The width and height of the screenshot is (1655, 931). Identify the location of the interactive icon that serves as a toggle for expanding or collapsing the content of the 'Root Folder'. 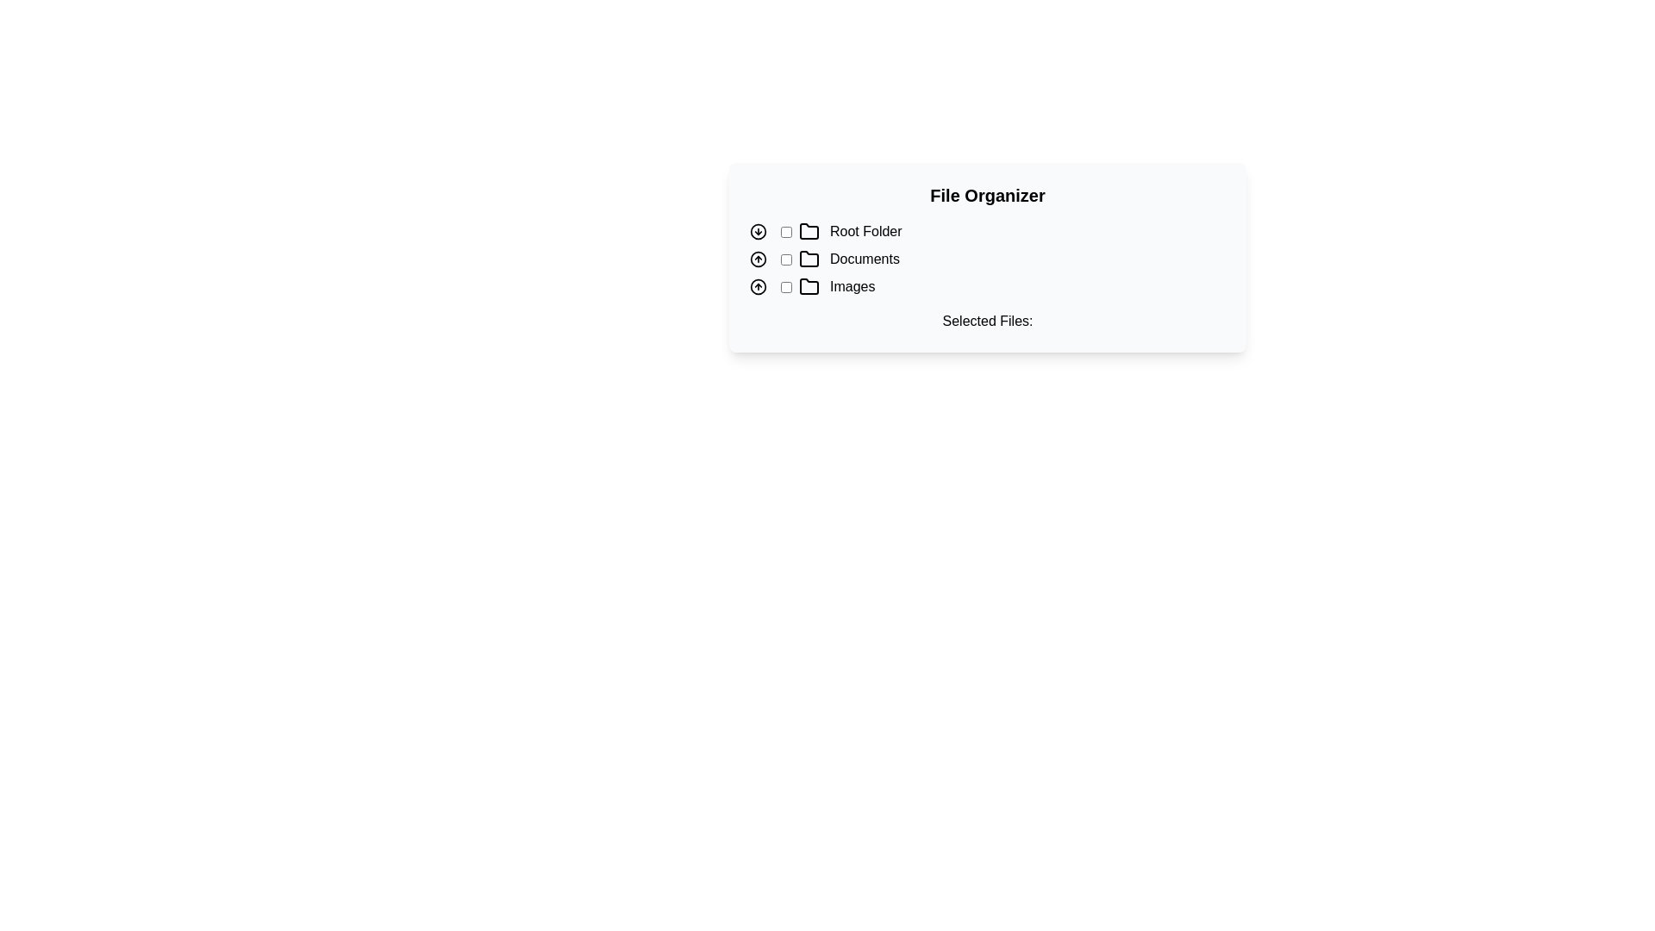
(758, 231).